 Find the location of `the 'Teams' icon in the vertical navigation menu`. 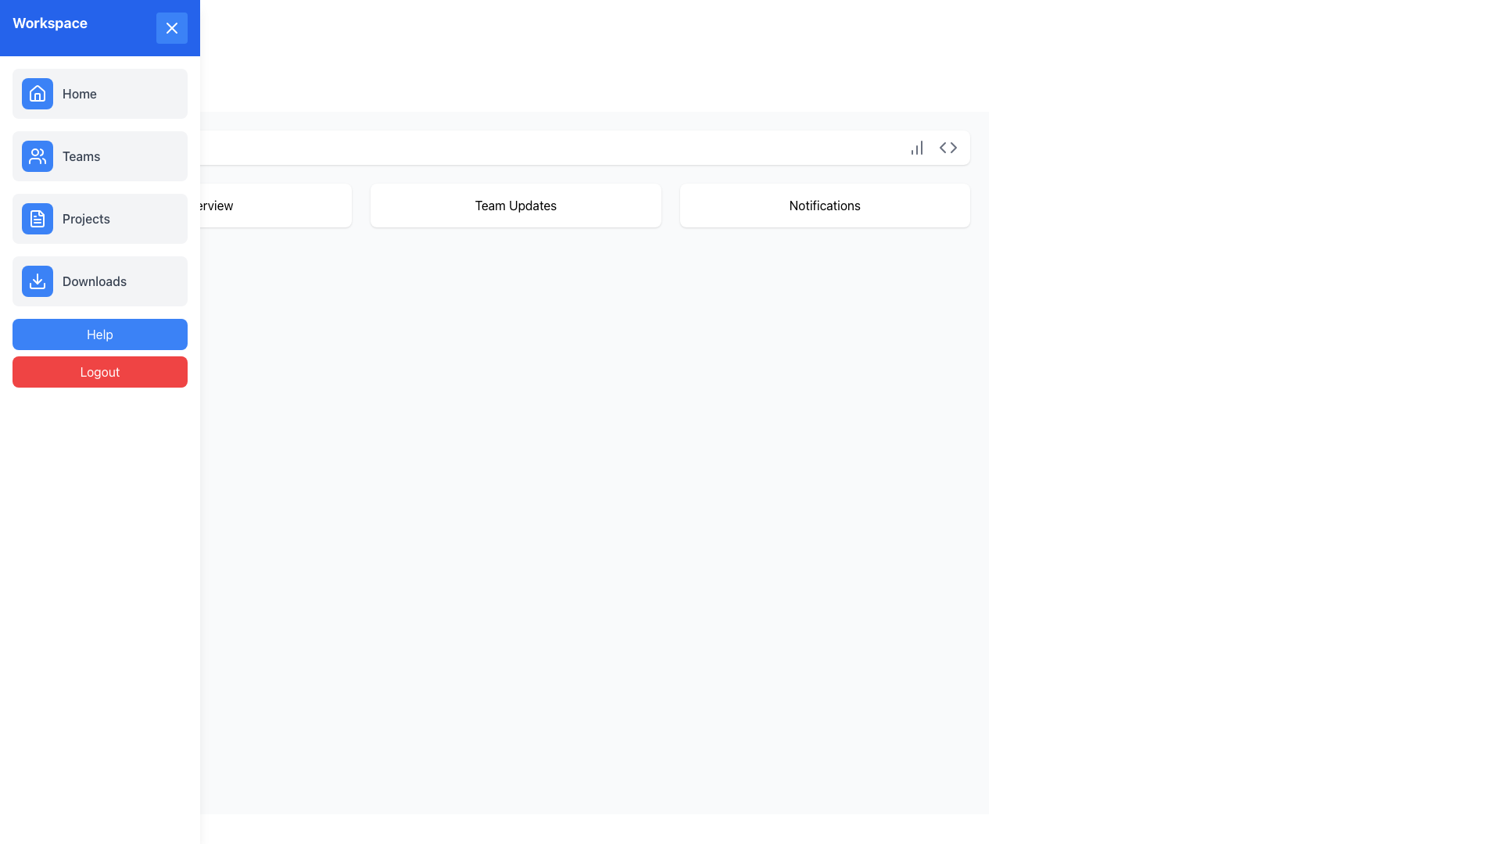

the 'Teams' icon in the vertical navigation menu is located at coordinates (38, 156).